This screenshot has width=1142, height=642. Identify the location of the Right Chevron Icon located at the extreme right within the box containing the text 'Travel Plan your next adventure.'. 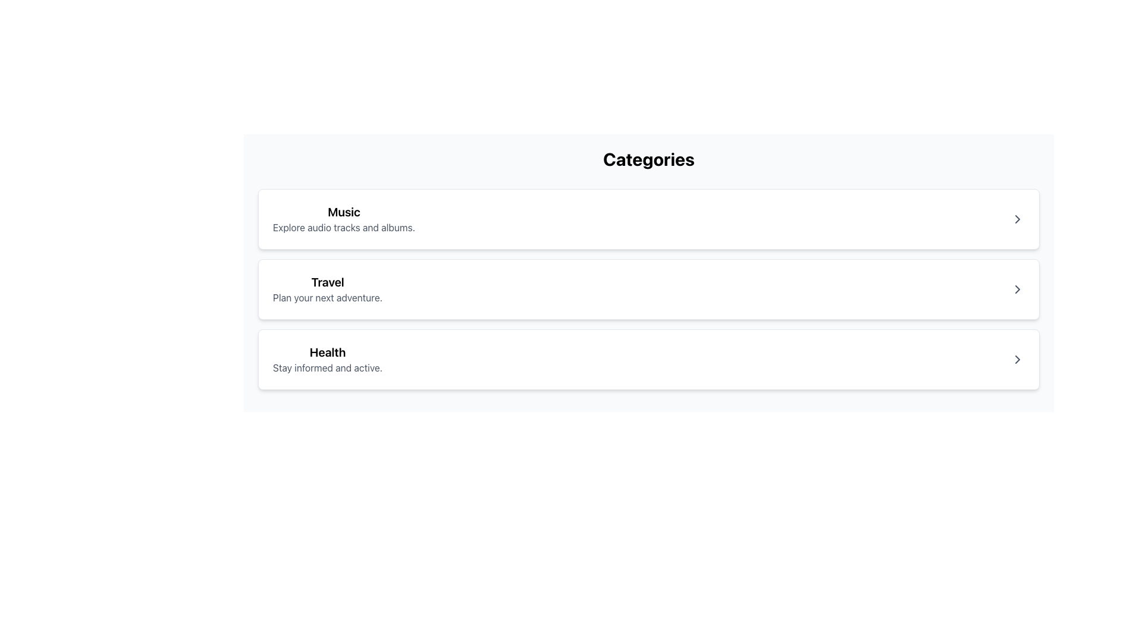
(1016, 289).